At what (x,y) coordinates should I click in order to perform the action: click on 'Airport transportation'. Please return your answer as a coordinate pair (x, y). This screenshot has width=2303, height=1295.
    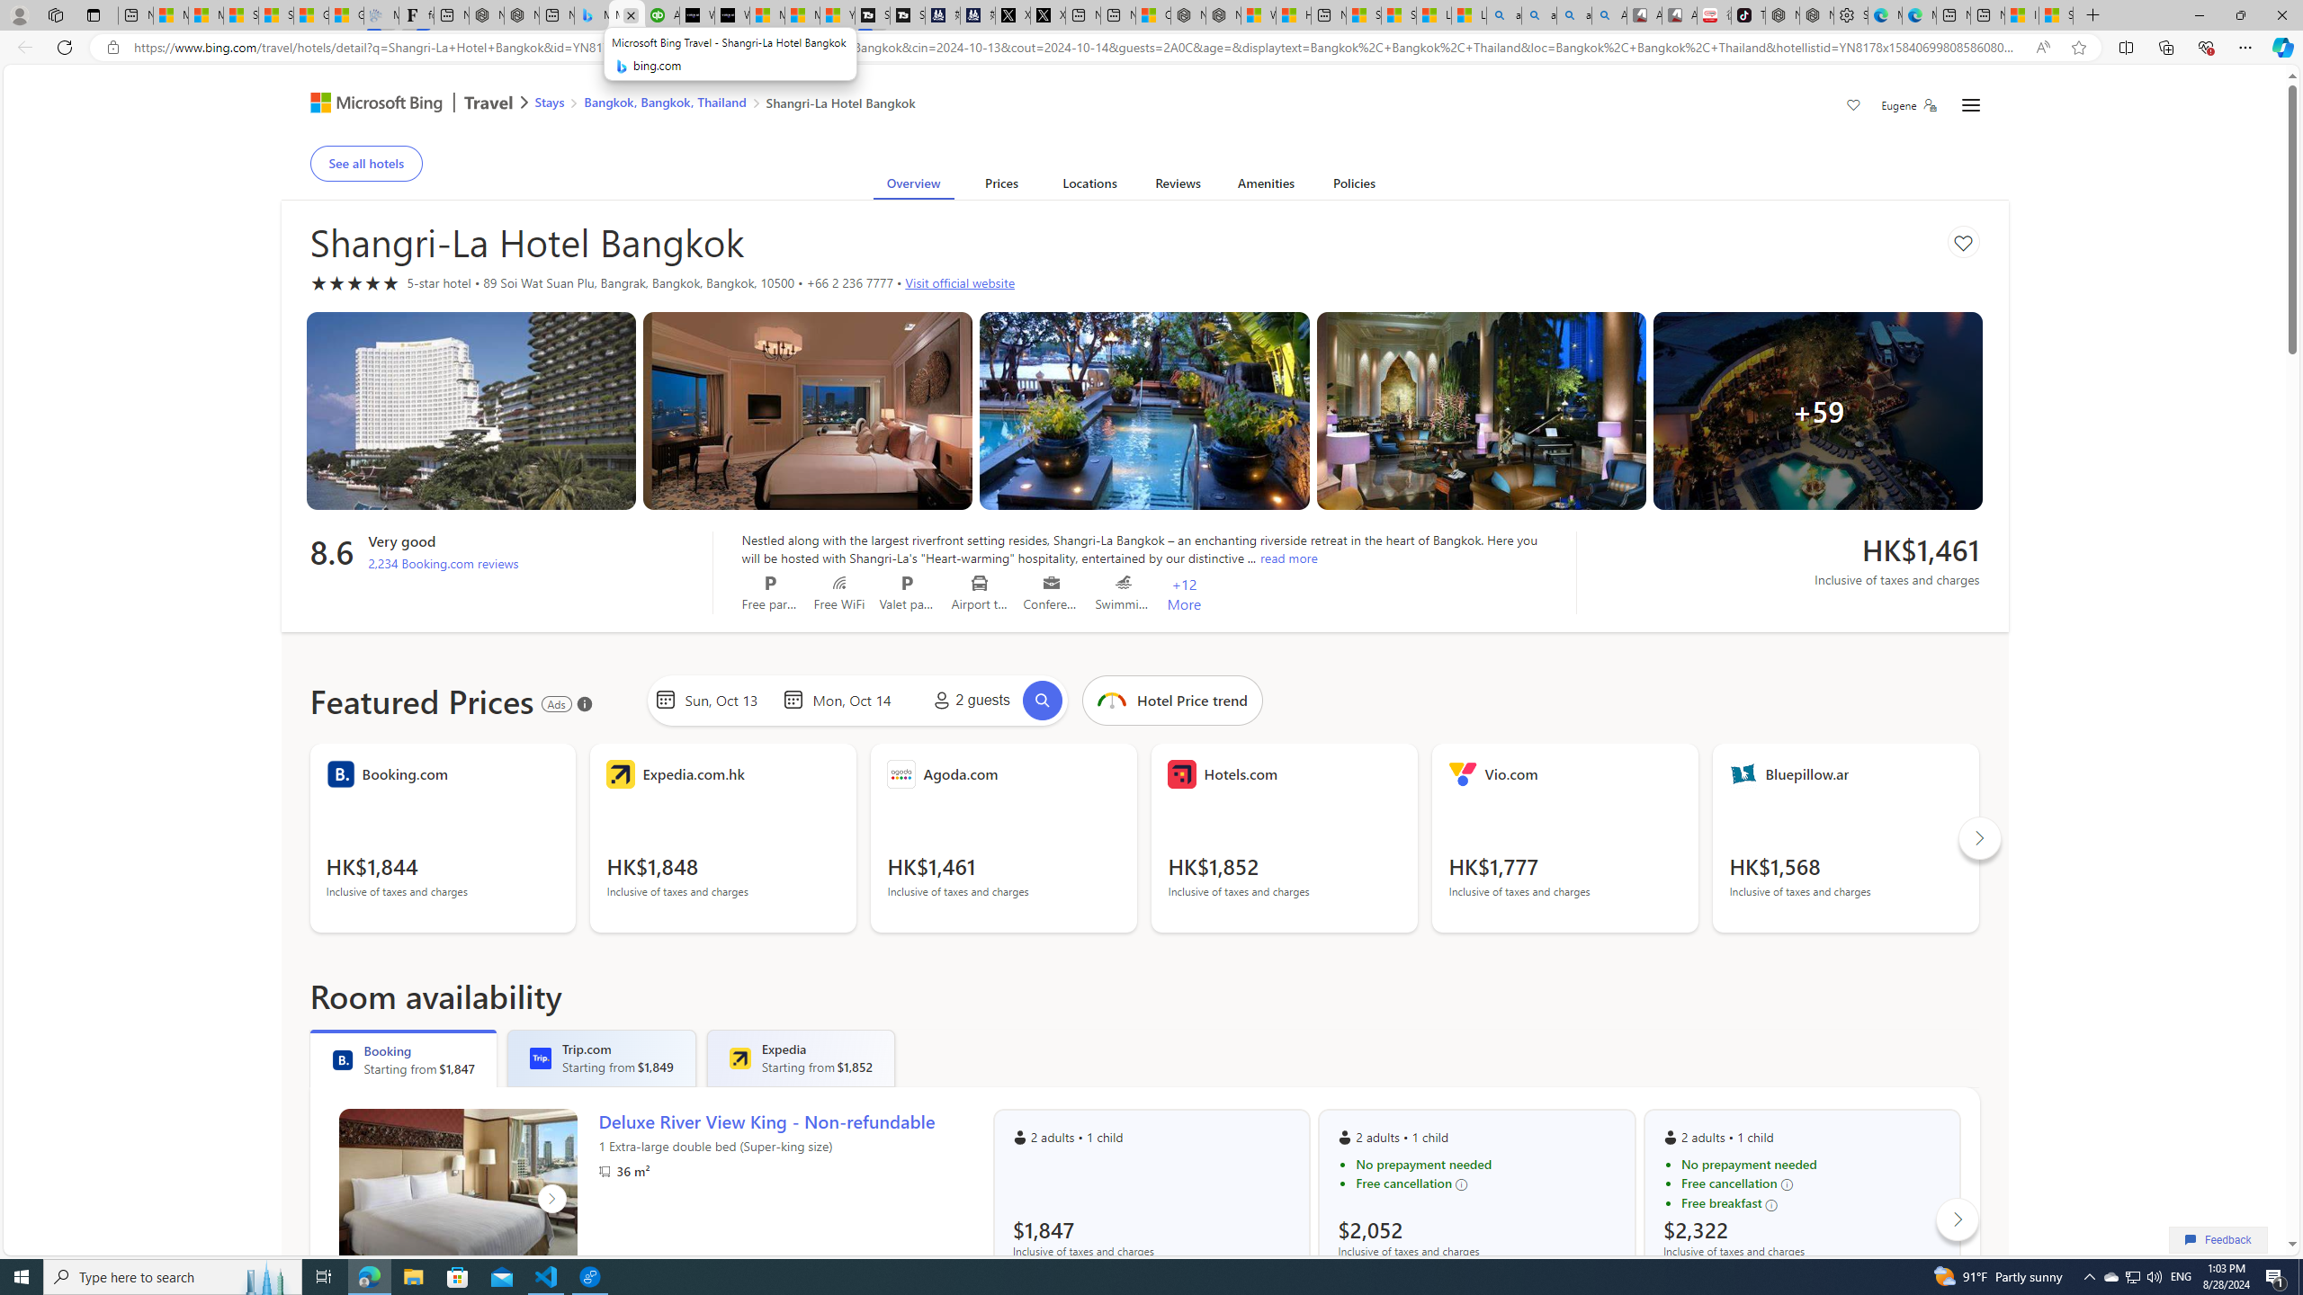
    Looking at the image, I should click on (979, 582).